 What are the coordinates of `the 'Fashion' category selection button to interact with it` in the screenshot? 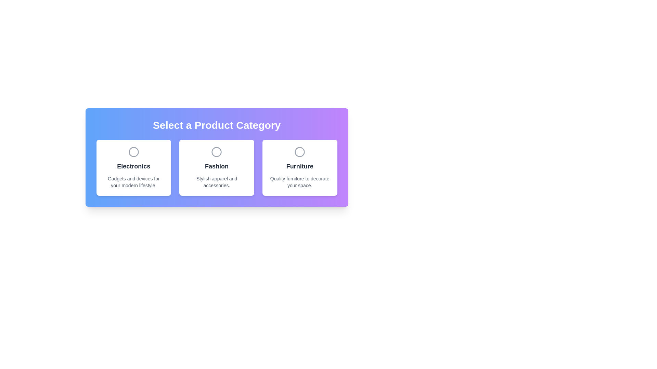 It's located at (216, 158).